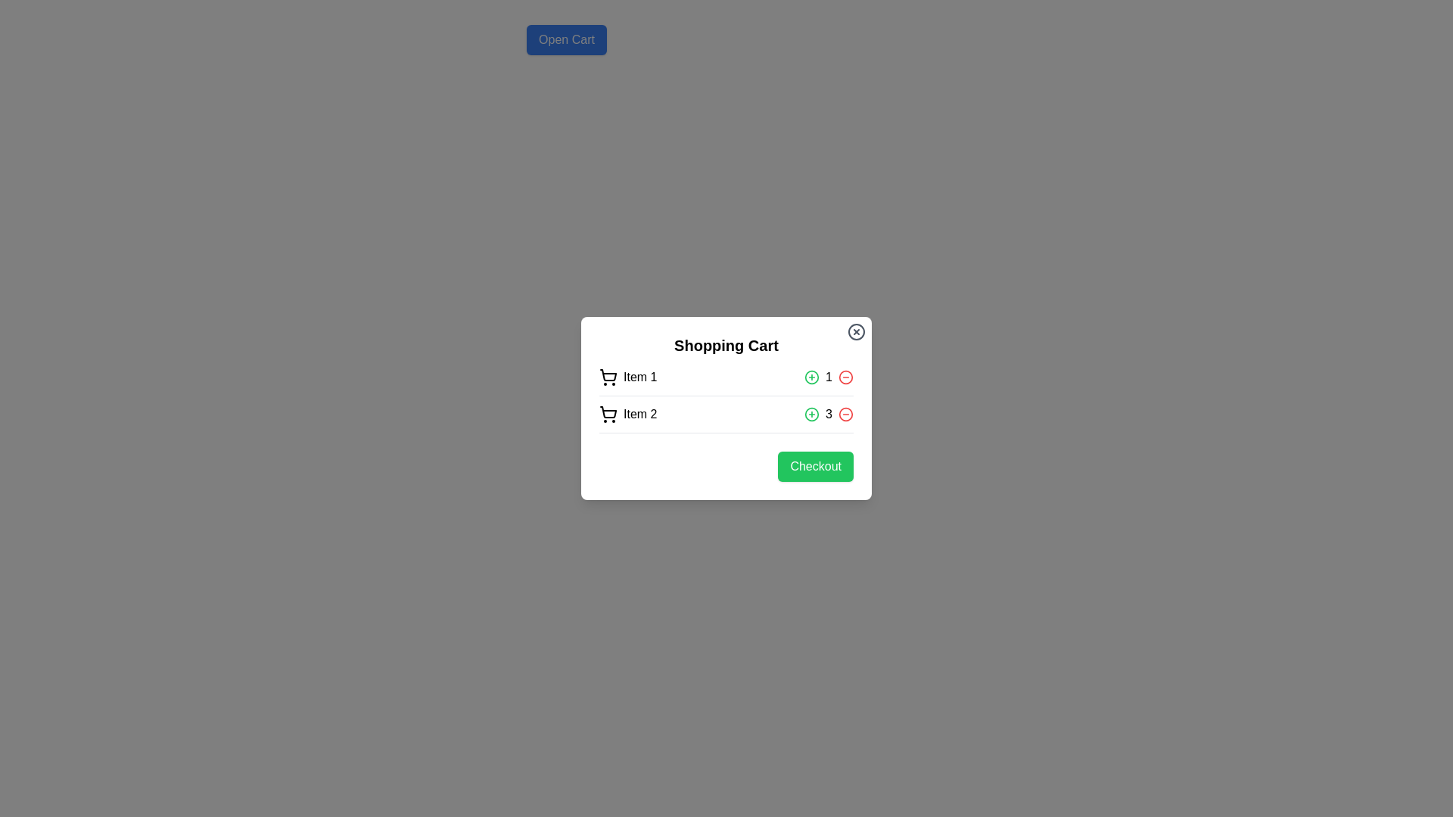  What do you see at coordinates (608, 376) in the screenshot?
I see `the shopping cart icon associated with 'Item 1' located at the far left of the item text and controls` at bounding box center [608, 376].